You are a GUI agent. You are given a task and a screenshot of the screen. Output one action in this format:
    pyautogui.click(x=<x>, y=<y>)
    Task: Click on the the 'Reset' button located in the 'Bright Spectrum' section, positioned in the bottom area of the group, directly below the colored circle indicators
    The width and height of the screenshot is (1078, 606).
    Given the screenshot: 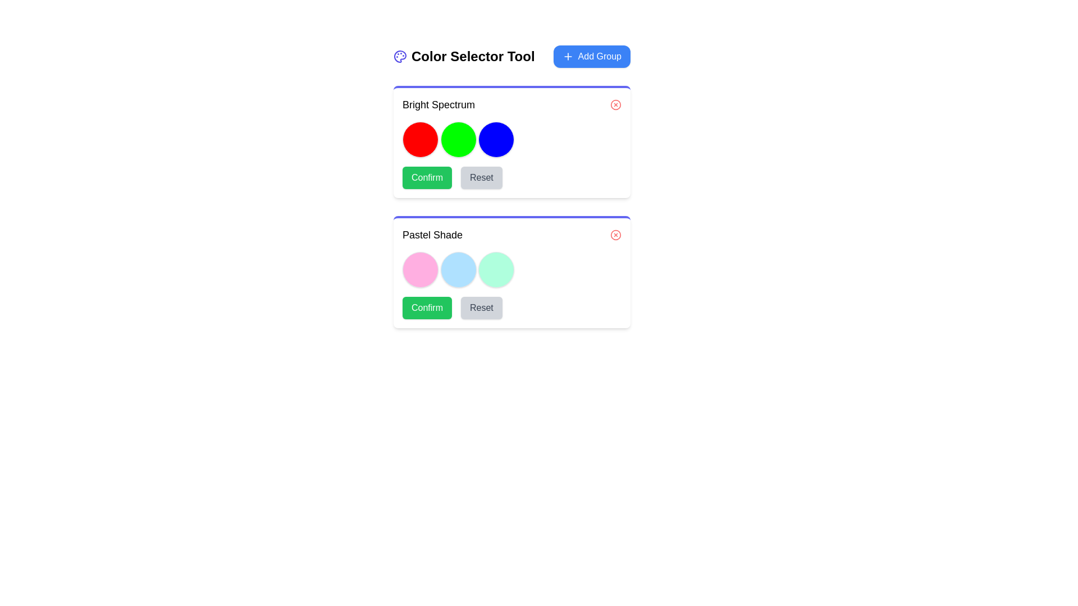 What is the action you would take?
    pyautogui.click(x=511, y=177)
    